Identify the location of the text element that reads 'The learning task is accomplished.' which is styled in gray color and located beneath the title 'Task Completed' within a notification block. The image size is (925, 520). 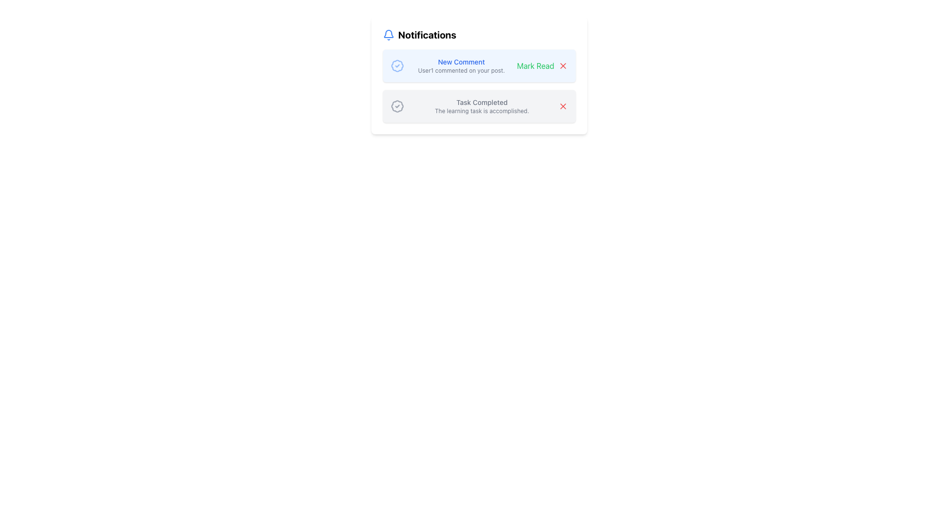
(482, 111).